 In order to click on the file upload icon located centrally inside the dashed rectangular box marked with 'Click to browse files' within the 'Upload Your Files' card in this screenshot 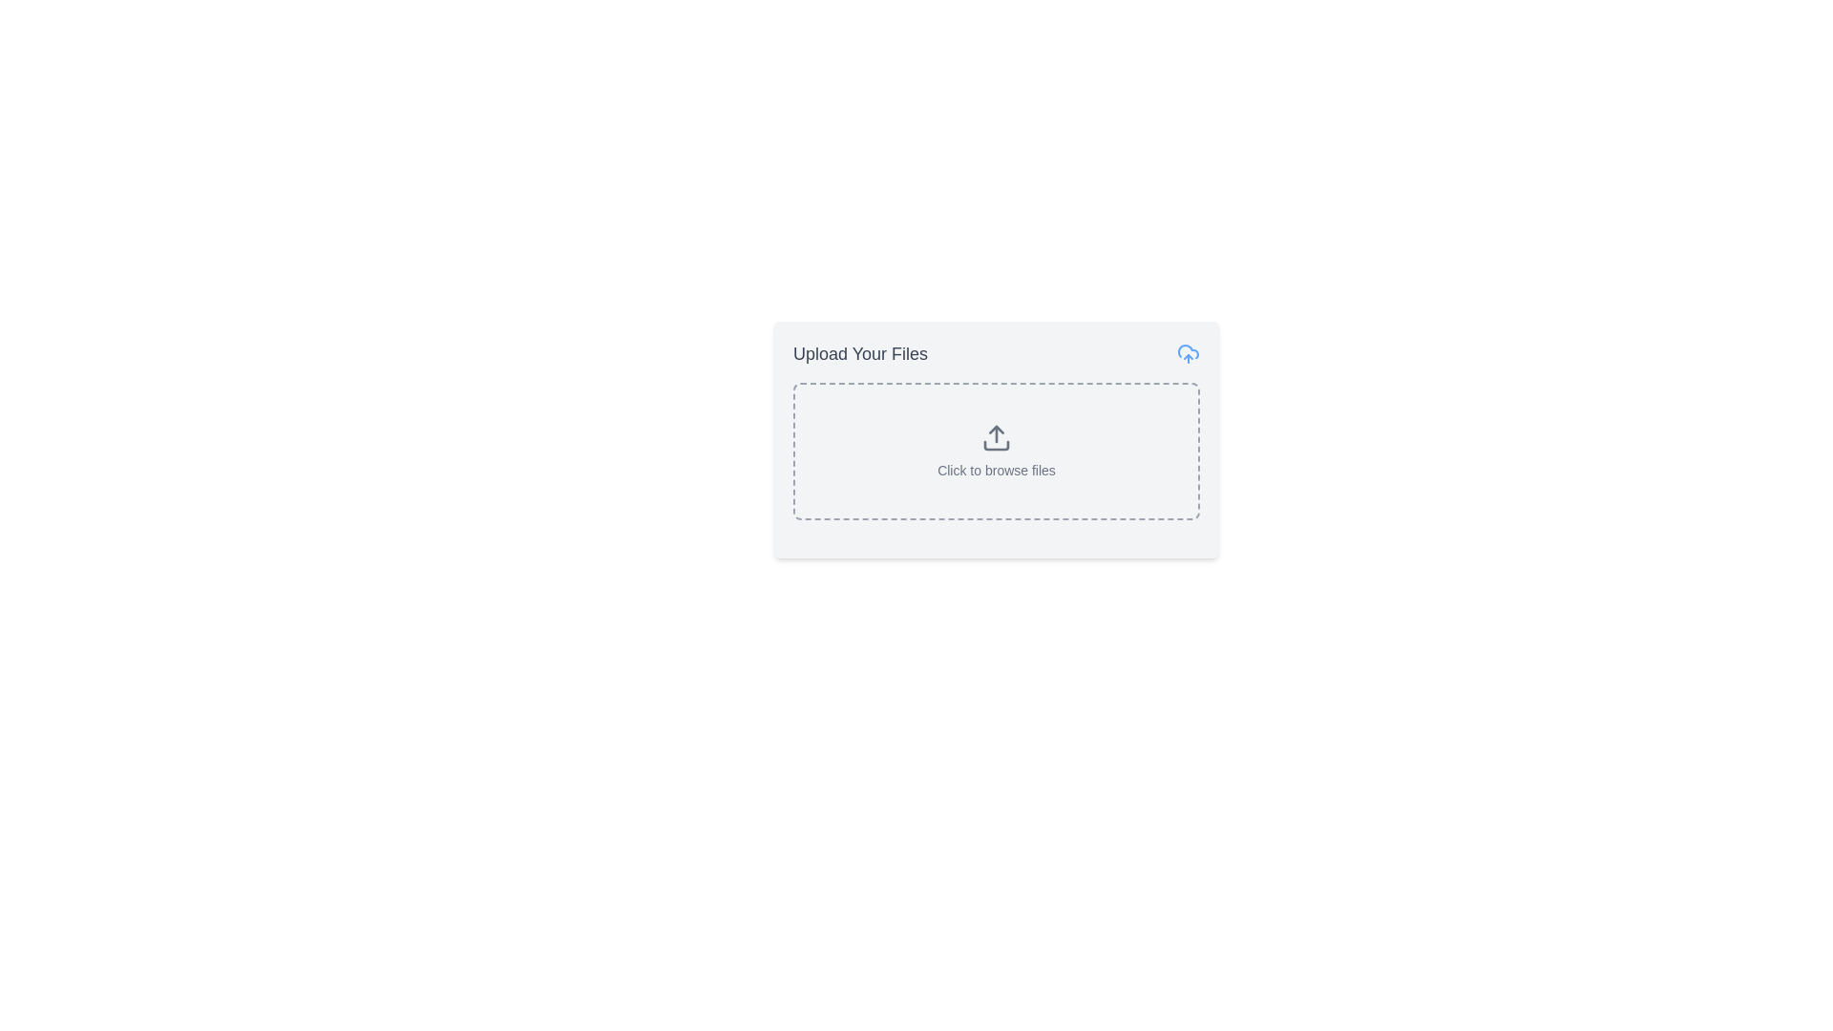, I will do `click(995, 438)`.